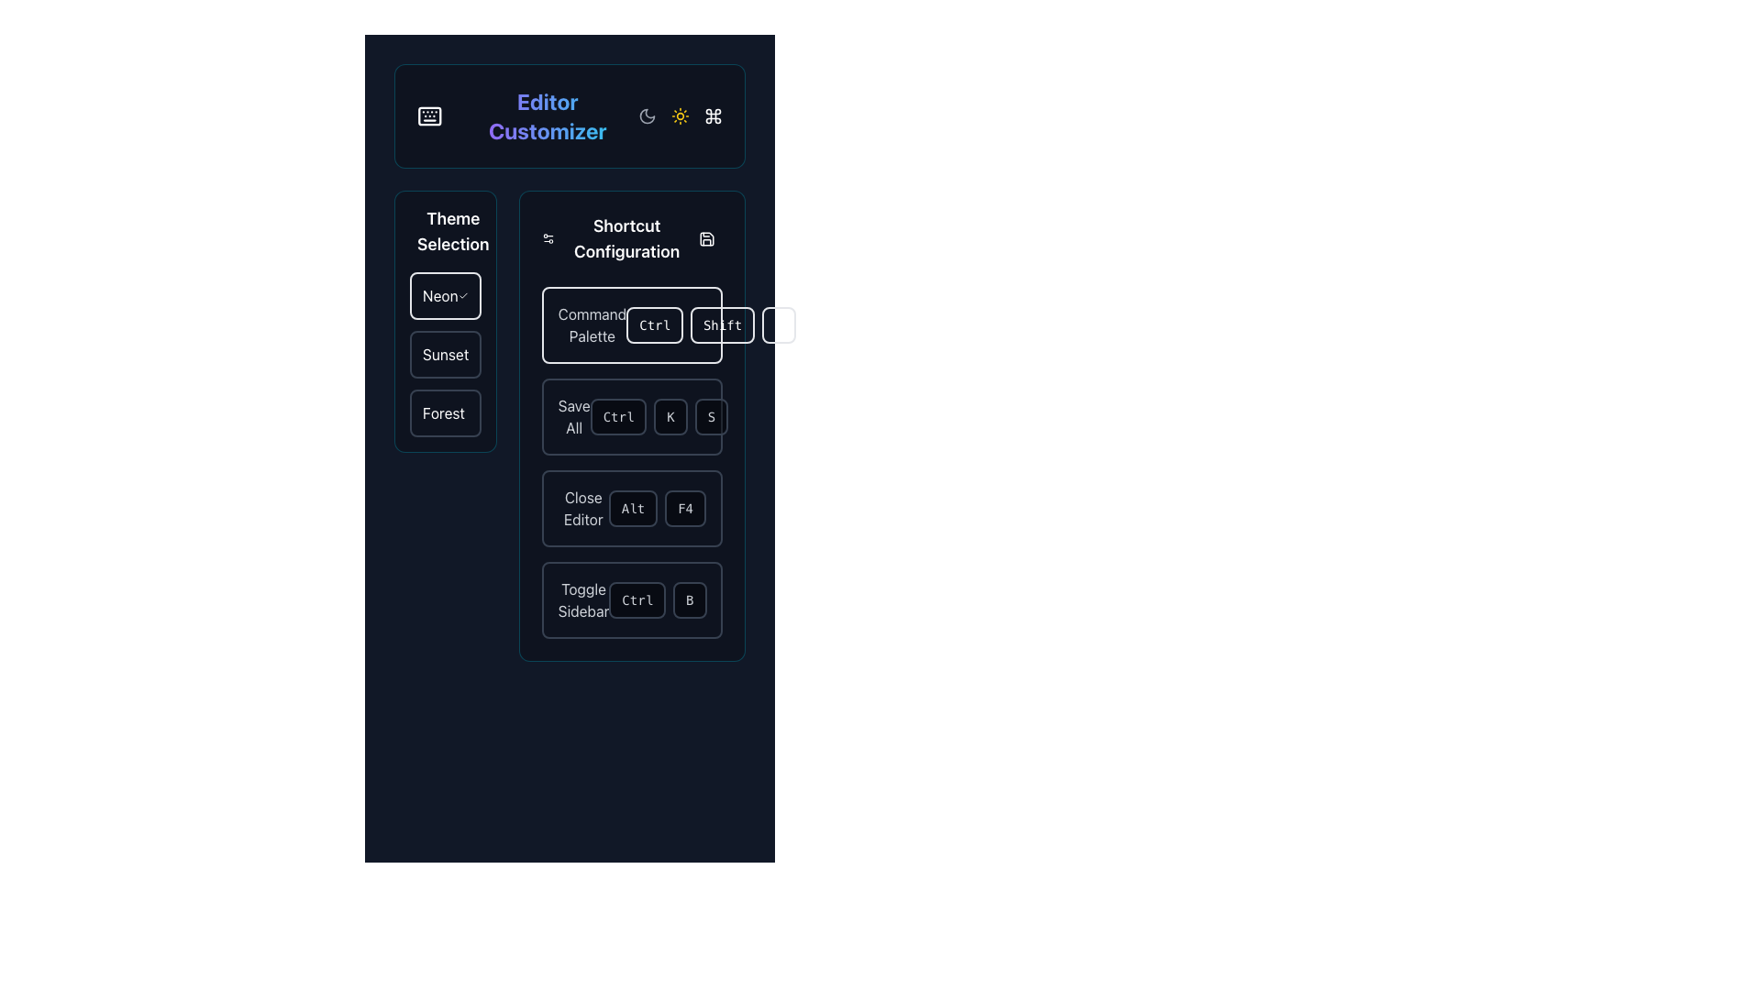  What do you see at coordinates (445, 413) in the screenshot?
I see `the 'Forest' theme selection button, which is the third button in the vertical list of theme options in the left sidebar` at bounding box center [445, 413].